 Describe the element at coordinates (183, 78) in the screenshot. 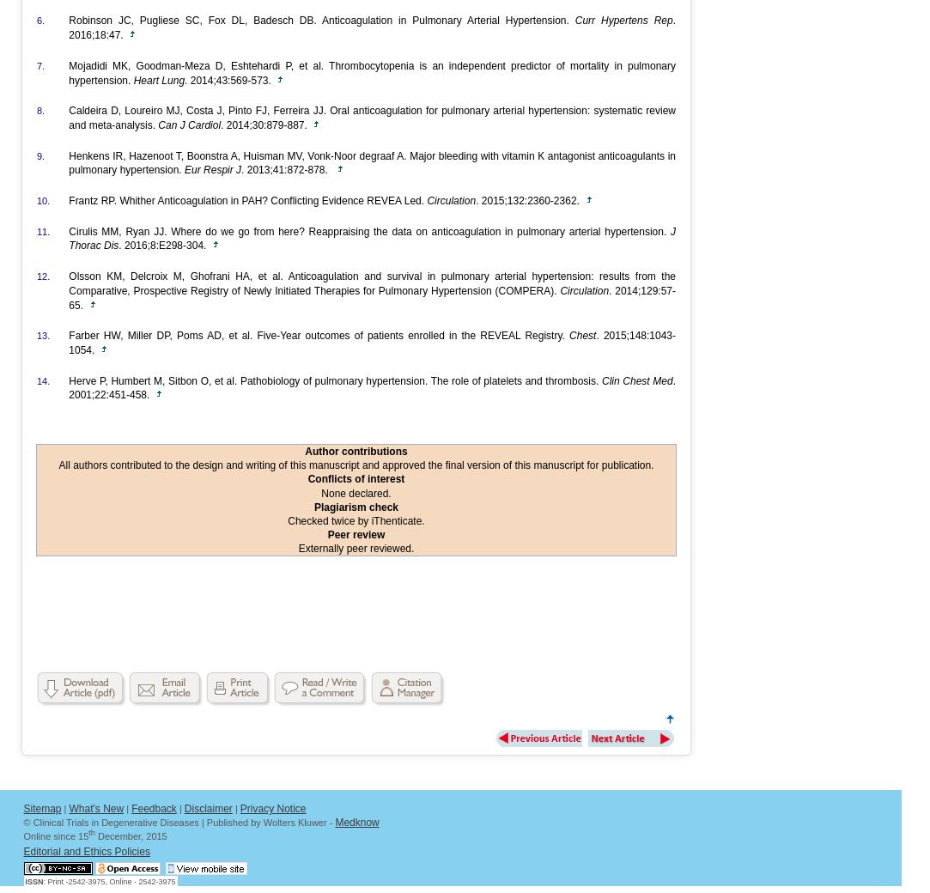

I see `'. 2014;43:569-573.'` at that location.